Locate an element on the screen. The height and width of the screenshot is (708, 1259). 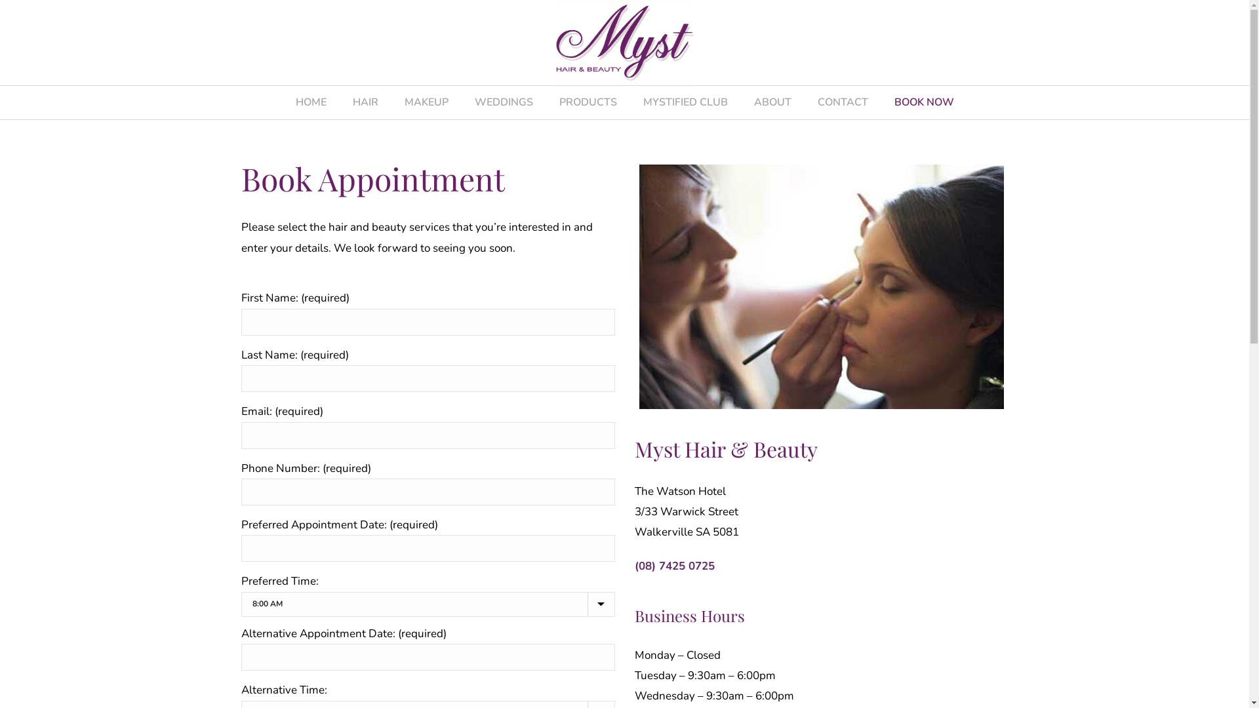
'PRODUCTS' is located at coordinates (545, 102).